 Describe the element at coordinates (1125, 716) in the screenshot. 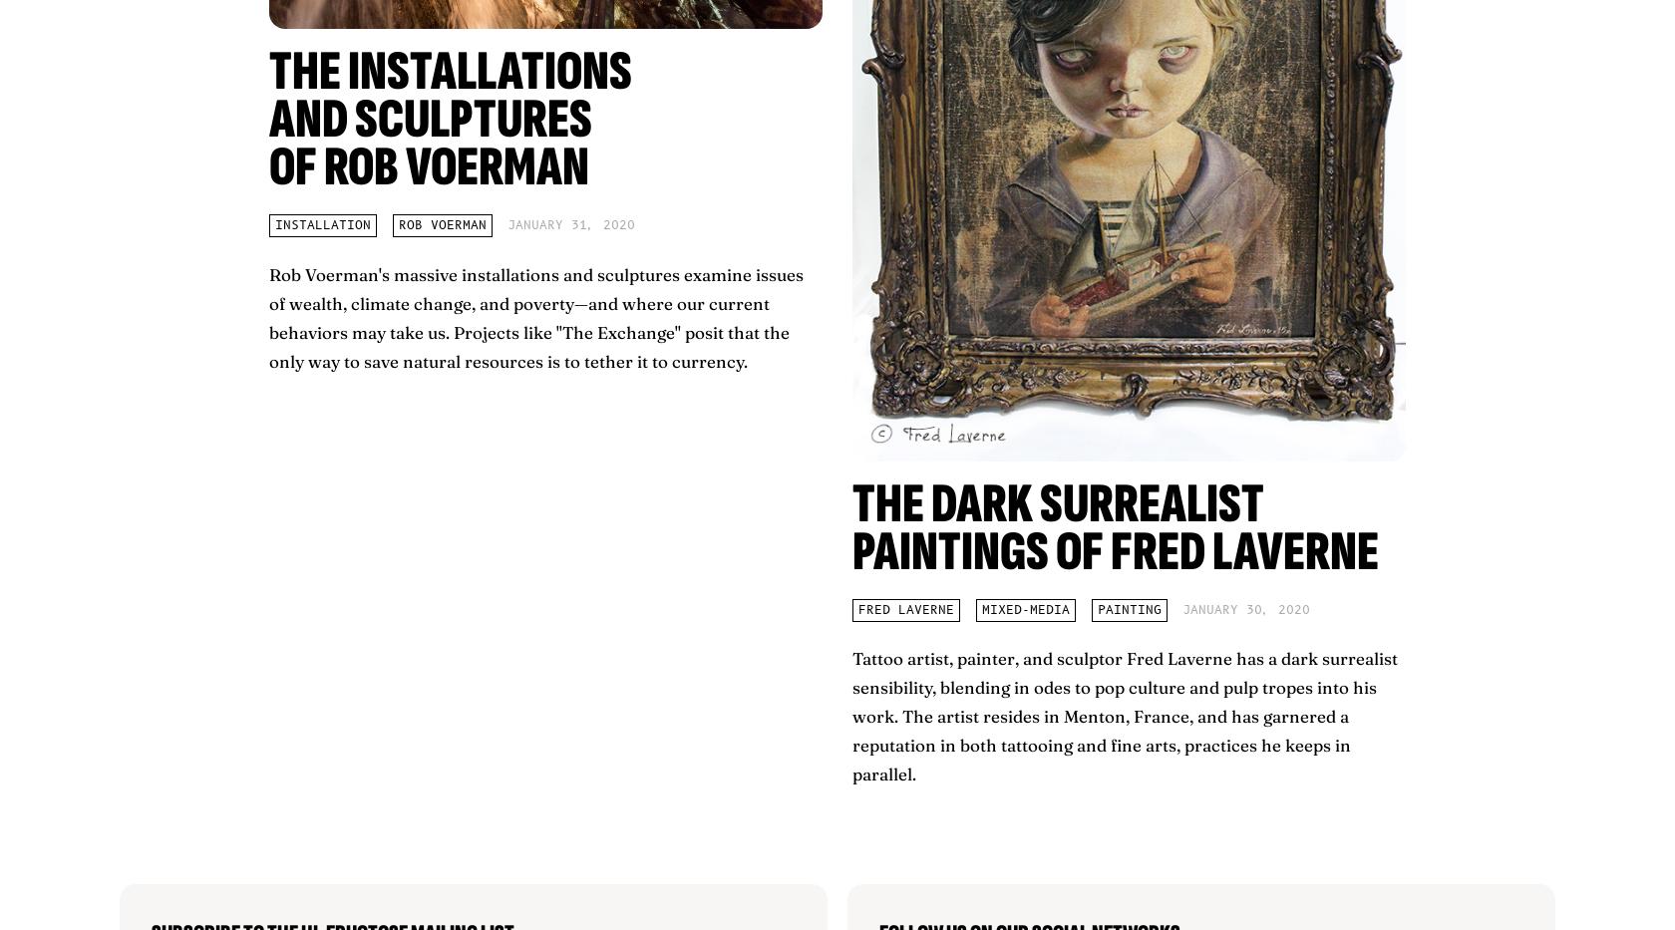

I see `'Tattoo artist, painter, and sculptor Fred Laverne has a dark surrealist sensibility, blending in odes to pop culture and pulp tropes into his work. The artist resides in Menton, France, and has garnered a reputation in both tattooing and fine arts, practices he keeps in parallel.'` at that location.